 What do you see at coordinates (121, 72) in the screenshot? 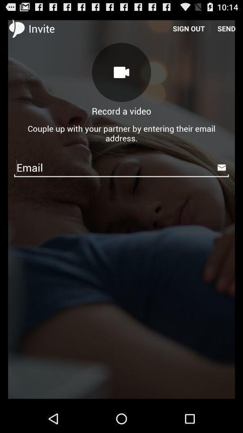
I see `the item to the left of the sign out icon` at bounding box center [121, 72].